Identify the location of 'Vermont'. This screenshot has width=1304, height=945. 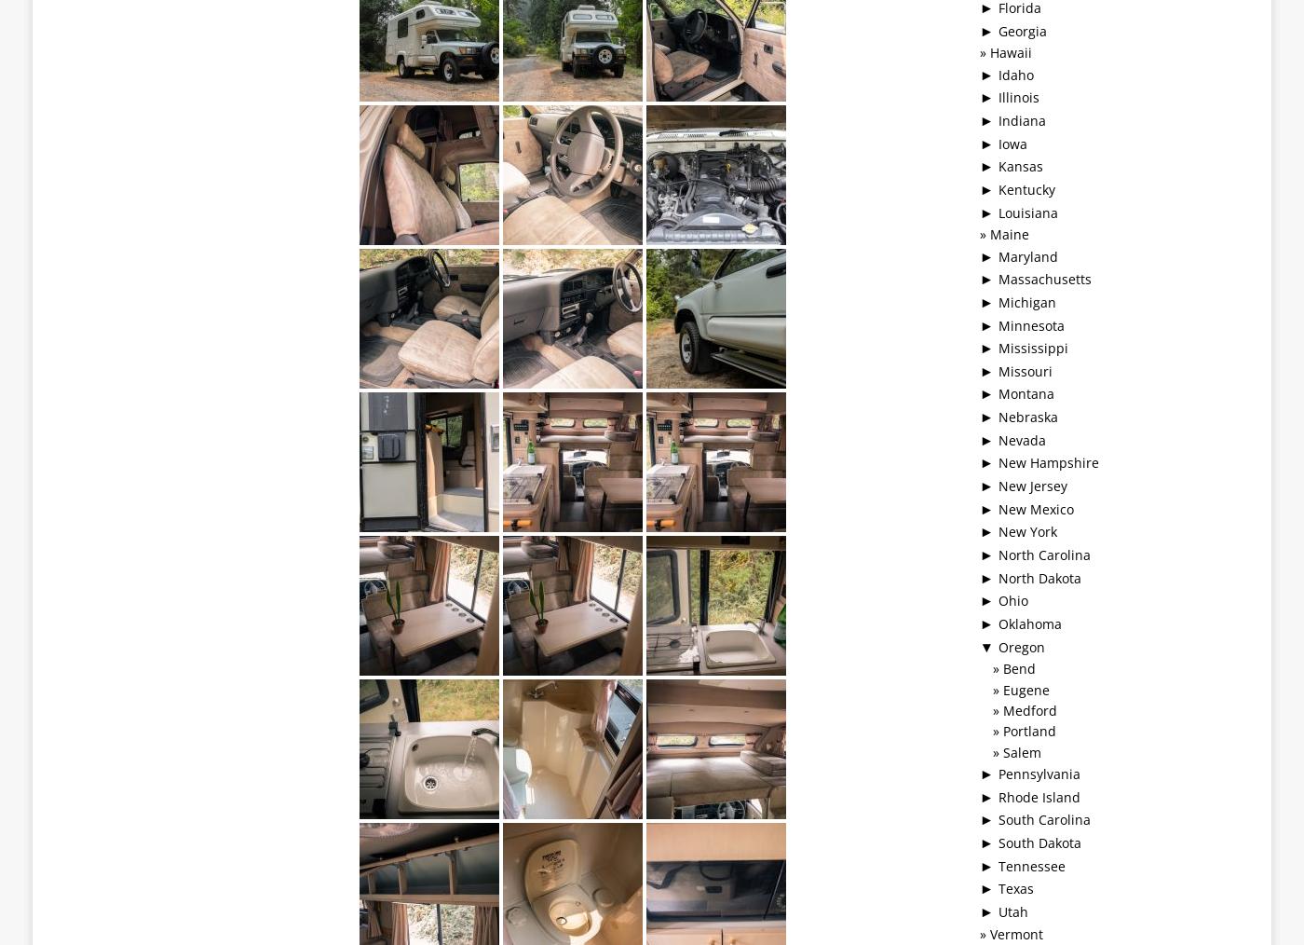
(1015, 933).